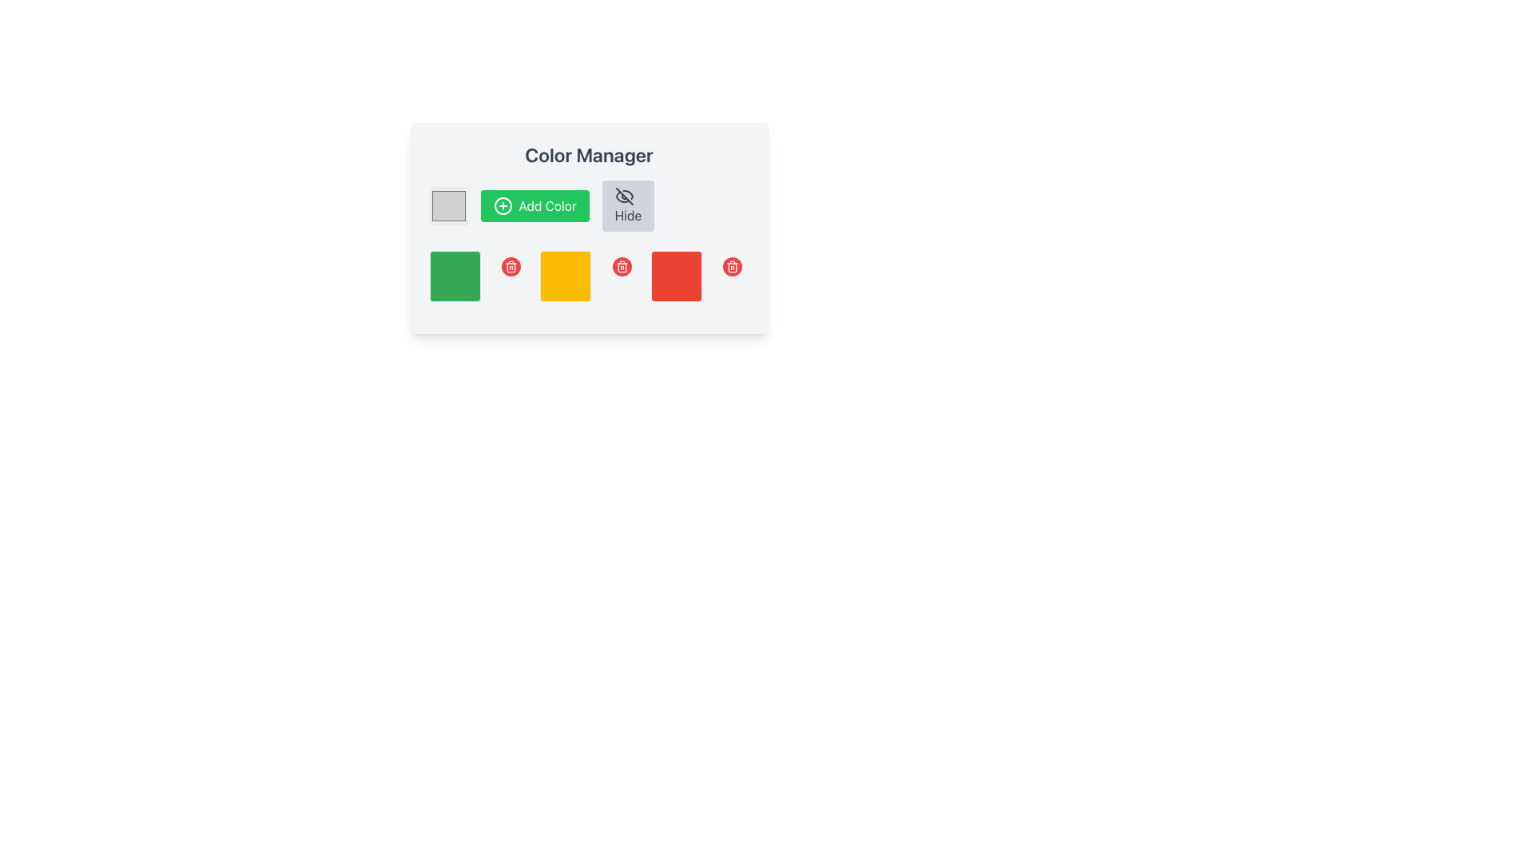  What do you see at coordinates (502, 205) in the screenshot?
I see `the plus sign icon enclosed within a green circle that is part of the 'Add Color' button, located to the left of the button's label` at bounding box center [502, 205].